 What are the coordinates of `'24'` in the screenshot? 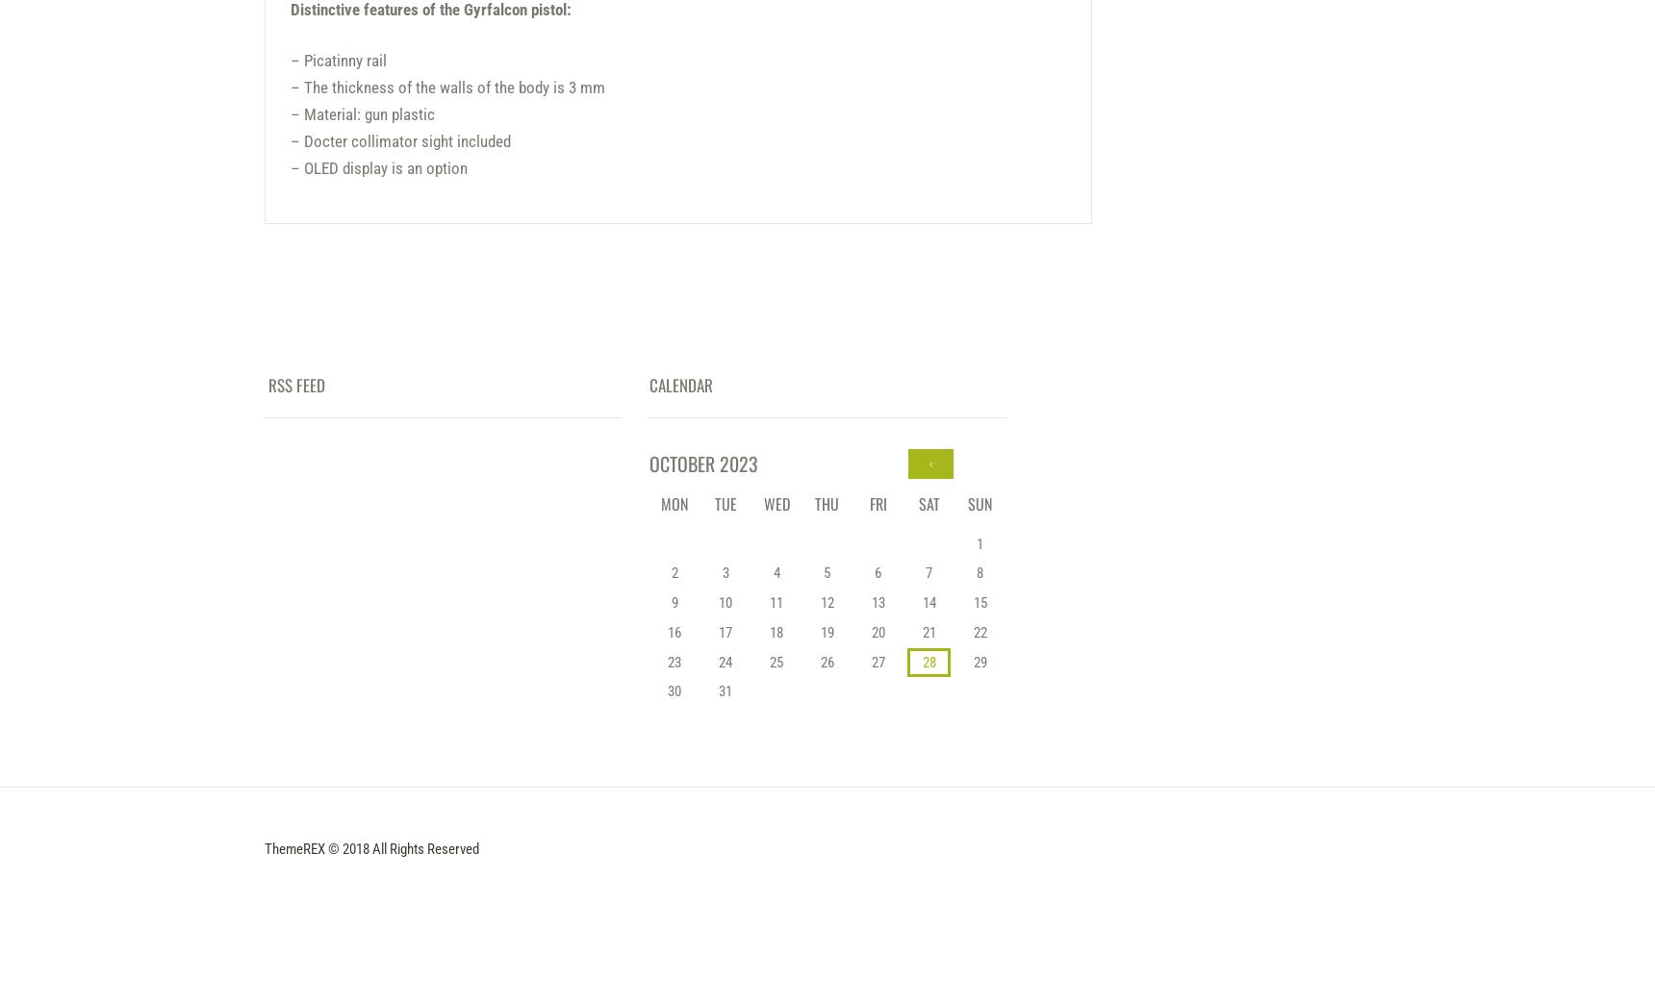 It's located at (725, 660).